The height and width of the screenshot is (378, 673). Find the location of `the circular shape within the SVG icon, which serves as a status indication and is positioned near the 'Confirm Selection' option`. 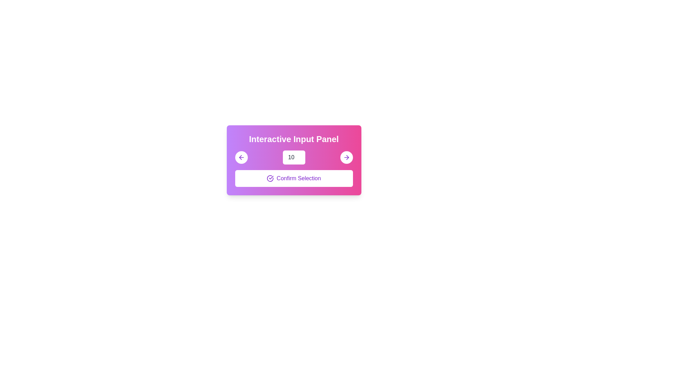

the circular shape within the SVG icon, which serves as a status indication and is positioned near the 'Confirm Selection' option is located at coordinates (270, 178).